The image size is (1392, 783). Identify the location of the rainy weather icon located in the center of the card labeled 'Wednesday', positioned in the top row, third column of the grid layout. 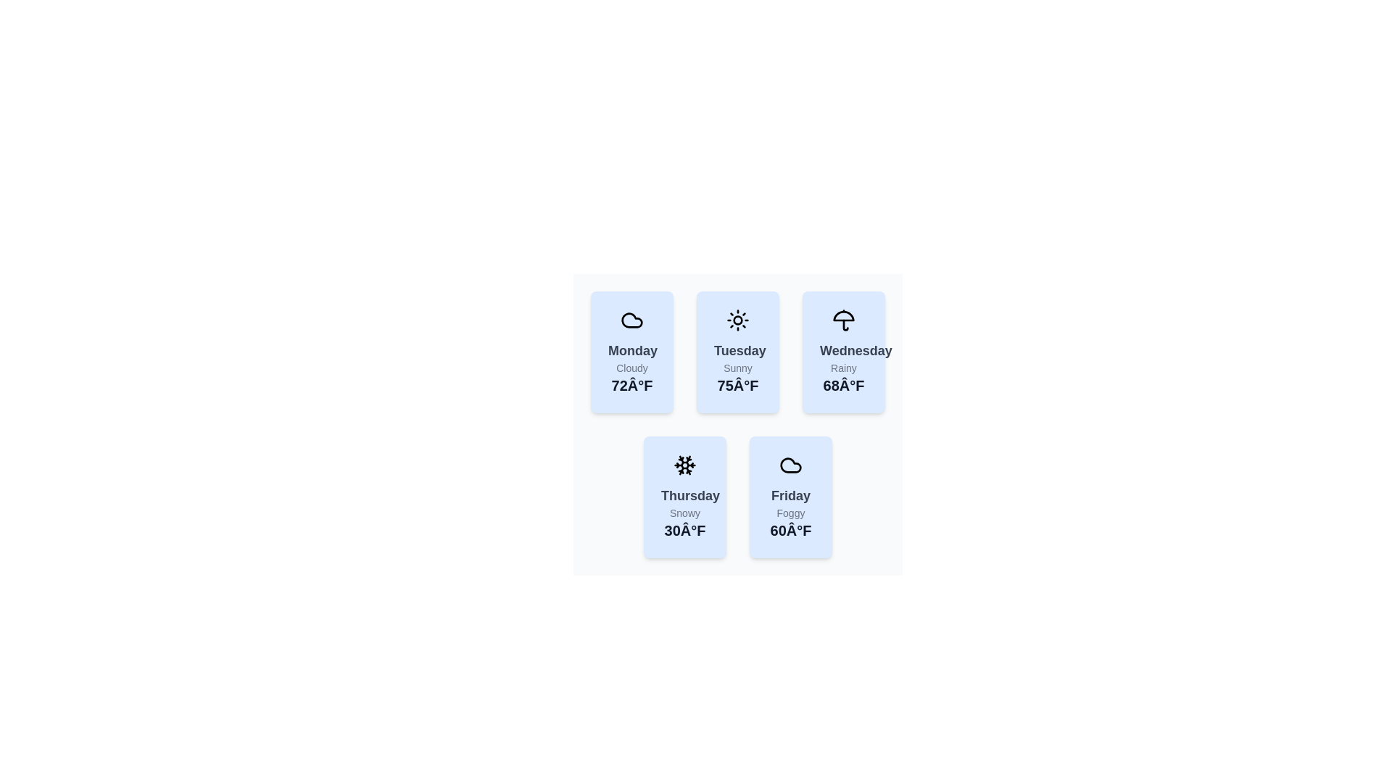
(843, 320).